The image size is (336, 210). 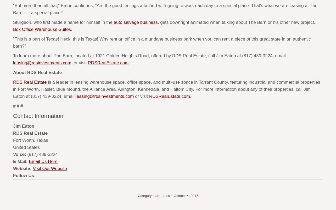 I want to click on 'Visit Our Website', so click(x=49, y=168).